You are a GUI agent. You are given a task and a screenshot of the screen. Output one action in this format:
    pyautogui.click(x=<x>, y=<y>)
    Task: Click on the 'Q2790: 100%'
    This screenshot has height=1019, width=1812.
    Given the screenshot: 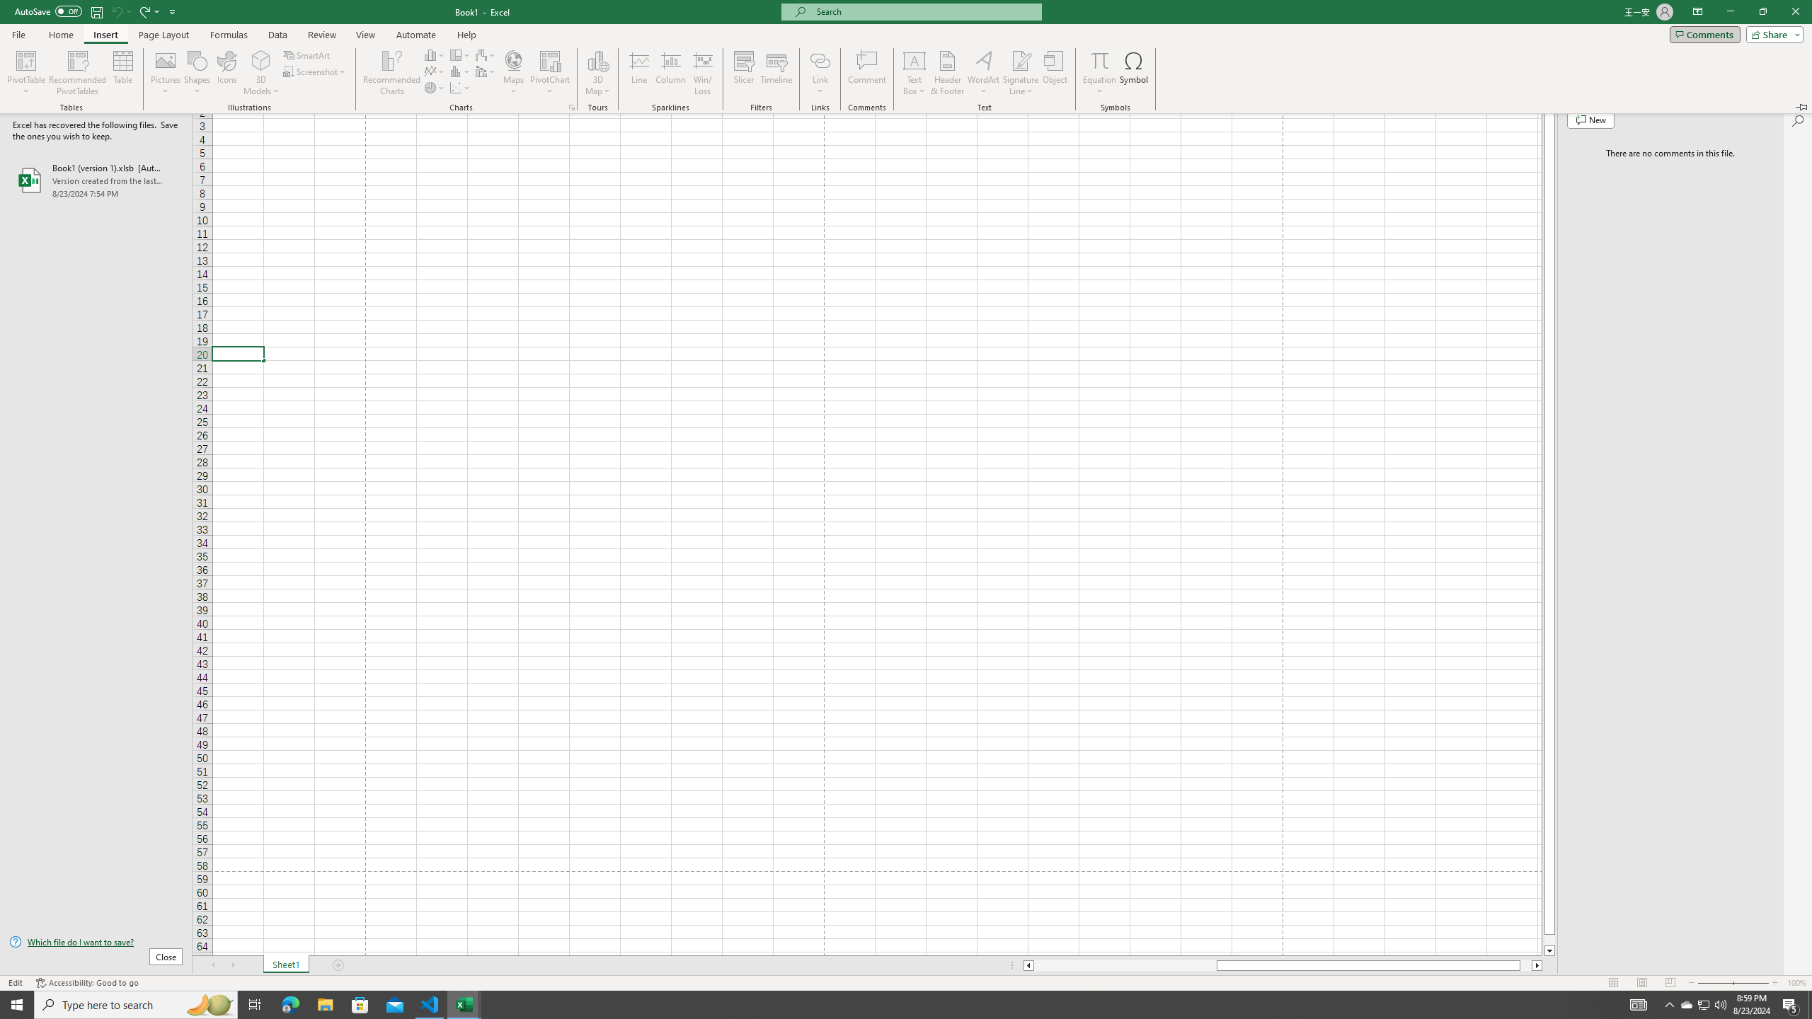 What is the action you would take?
    pyautogui.click(x=1719, y=1003)
    